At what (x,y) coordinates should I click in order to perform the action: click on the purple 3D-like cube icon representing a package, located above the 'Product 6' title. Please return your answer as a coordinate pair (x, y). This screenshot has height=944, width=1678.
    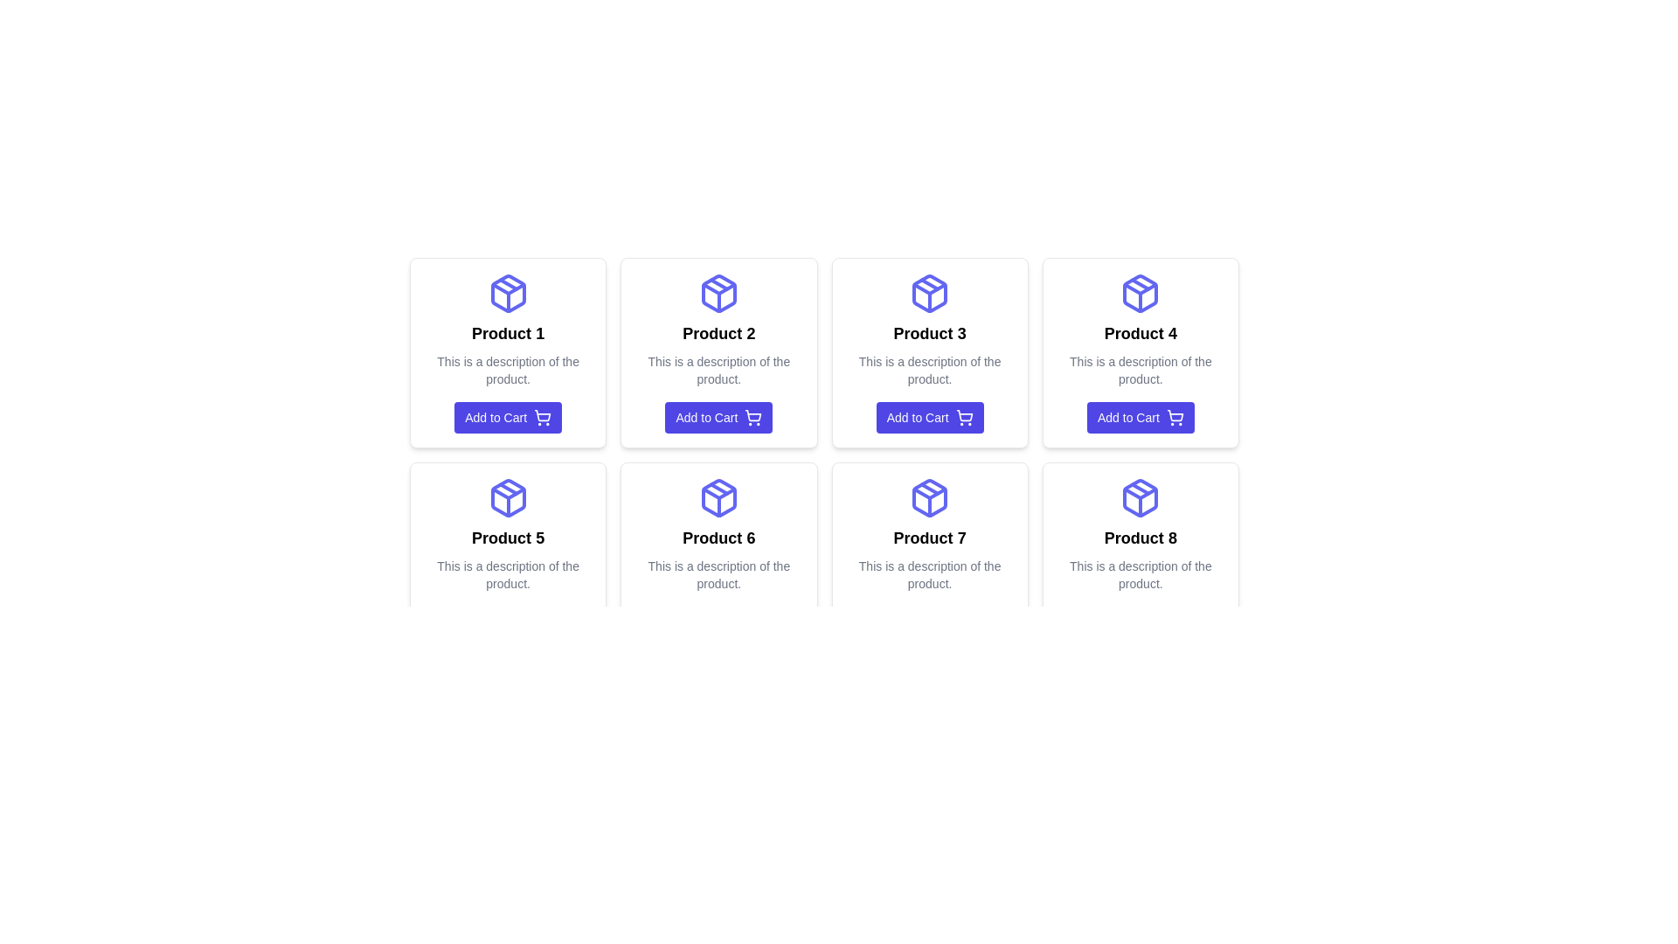
    Looking at the image, I should click on (718, 498).